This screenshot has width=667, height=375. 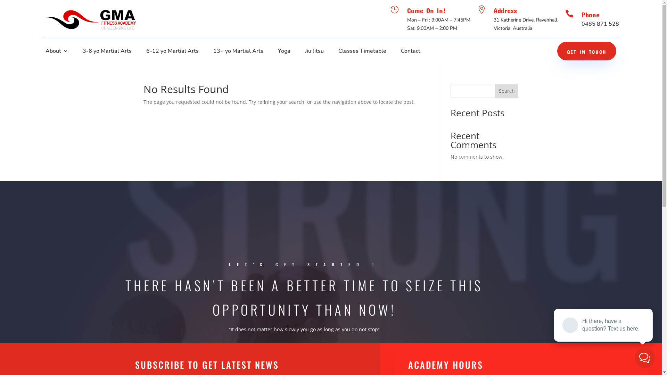 What do you see at coordinates (495, 91) in the screenshot?
I see `'Search'` at bounding box center [495, 91].